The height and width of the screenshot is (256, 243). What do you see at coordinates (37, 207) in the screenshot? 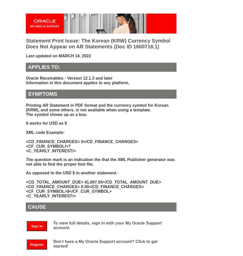
I see `'Cause'` at bounding box center [37, 207].